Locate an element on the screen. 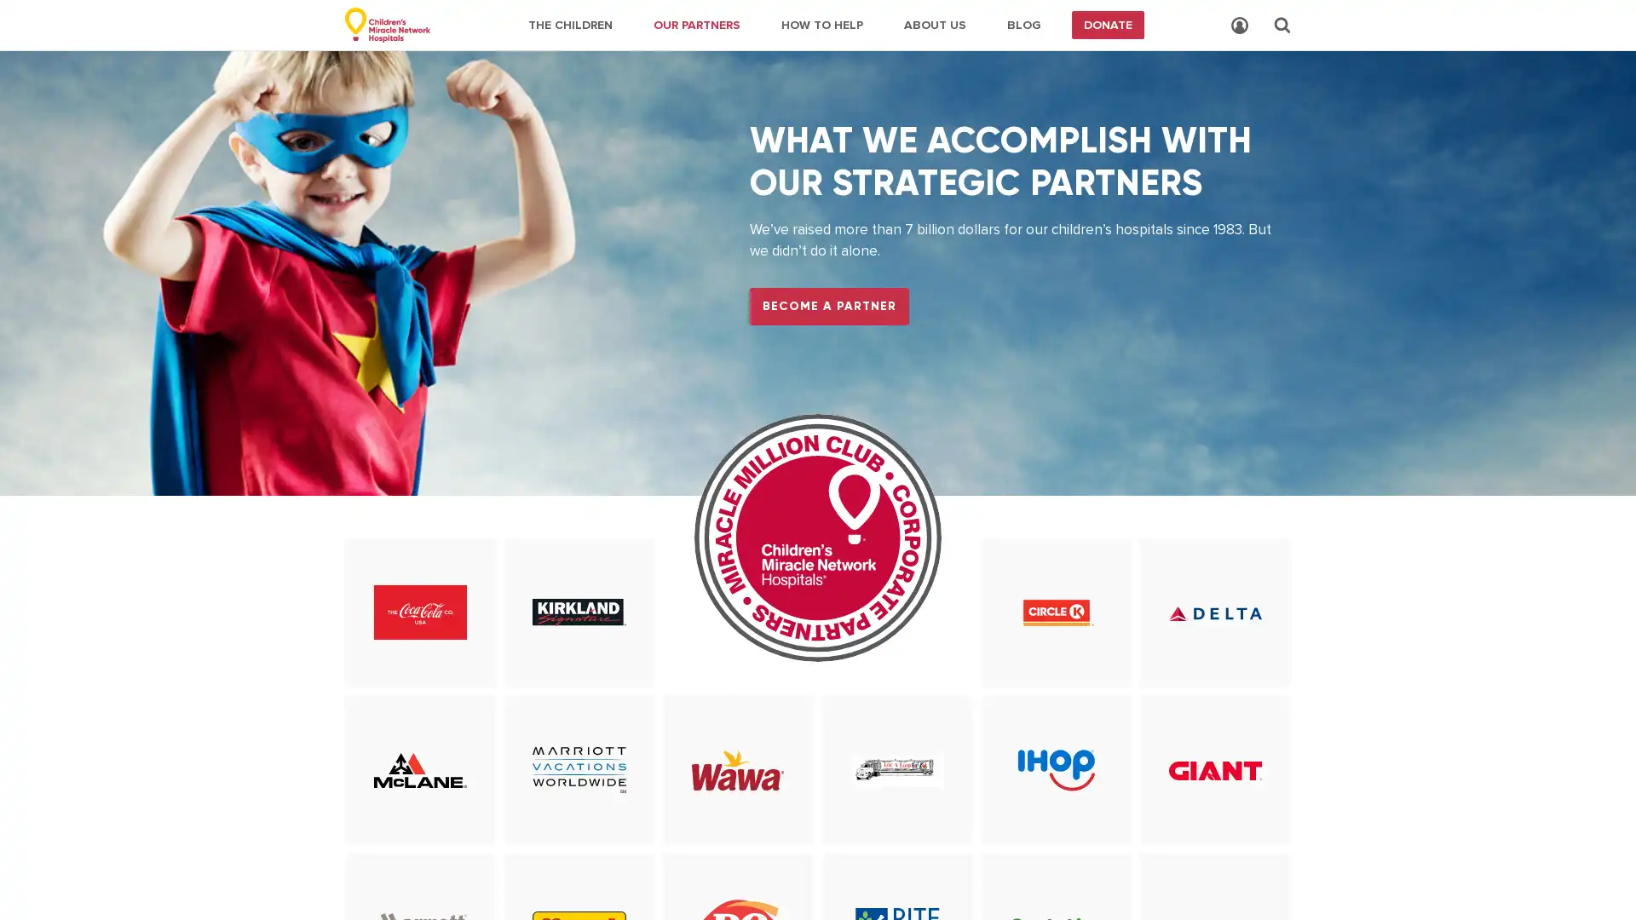  Search is located at coordinates (1282, 25).